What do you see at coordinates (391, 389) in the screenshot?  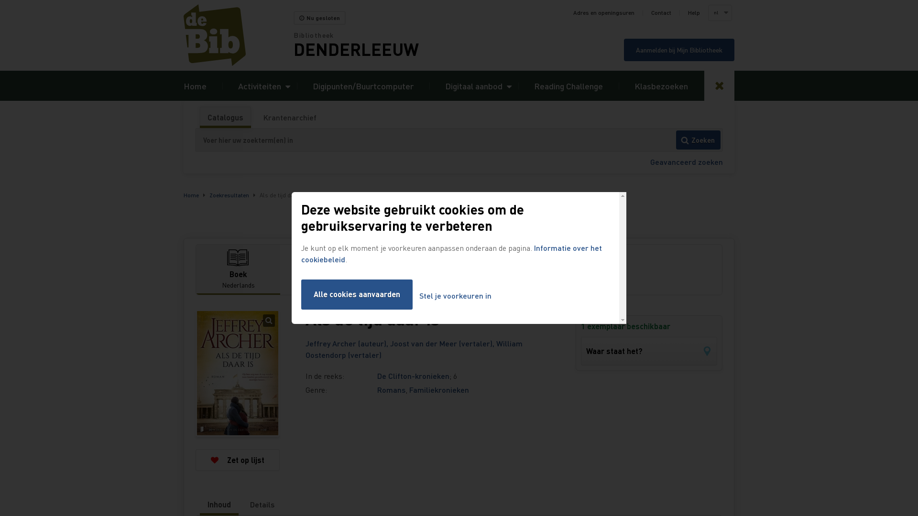 I see `'Romans'` at bounding box center [391, 389].